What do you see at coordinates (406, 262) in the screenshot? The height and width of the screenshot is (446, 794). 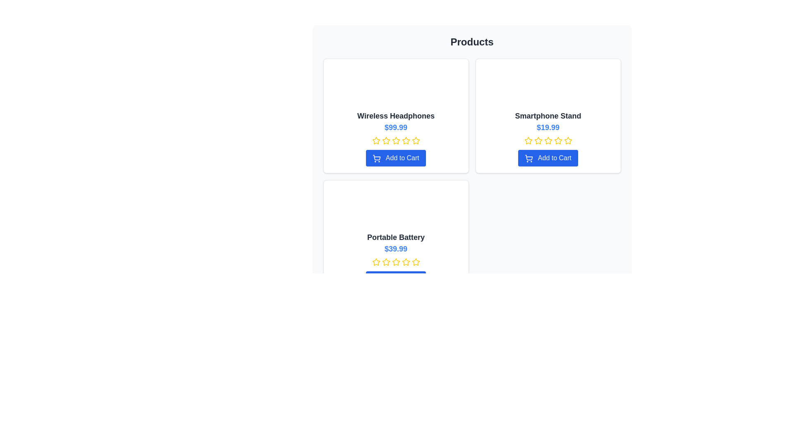 I see `the yellow star icon with a white border, which is the second star from the left in the rating star sequence for the 'Portable Battery' product, to rate it` at bounding box center [406, 262].